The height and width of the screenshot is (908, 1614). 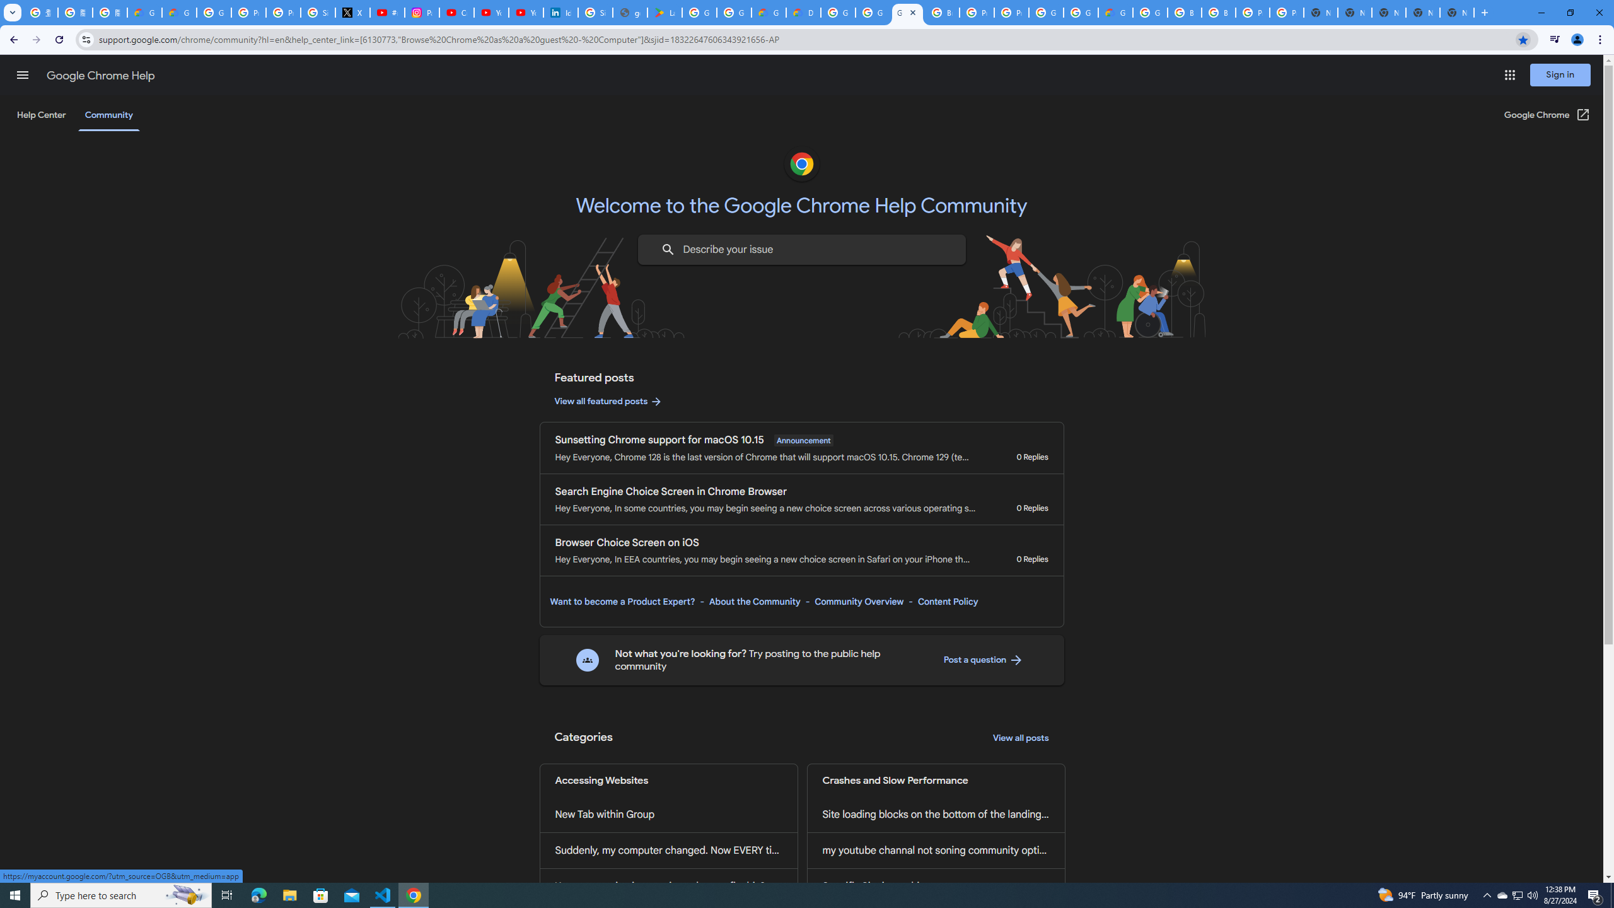 What do you see at coordinates (179, 12) in the screenshot?
I see `'Google Cloud Privacy Notice'` at bounding box center [179, 12].